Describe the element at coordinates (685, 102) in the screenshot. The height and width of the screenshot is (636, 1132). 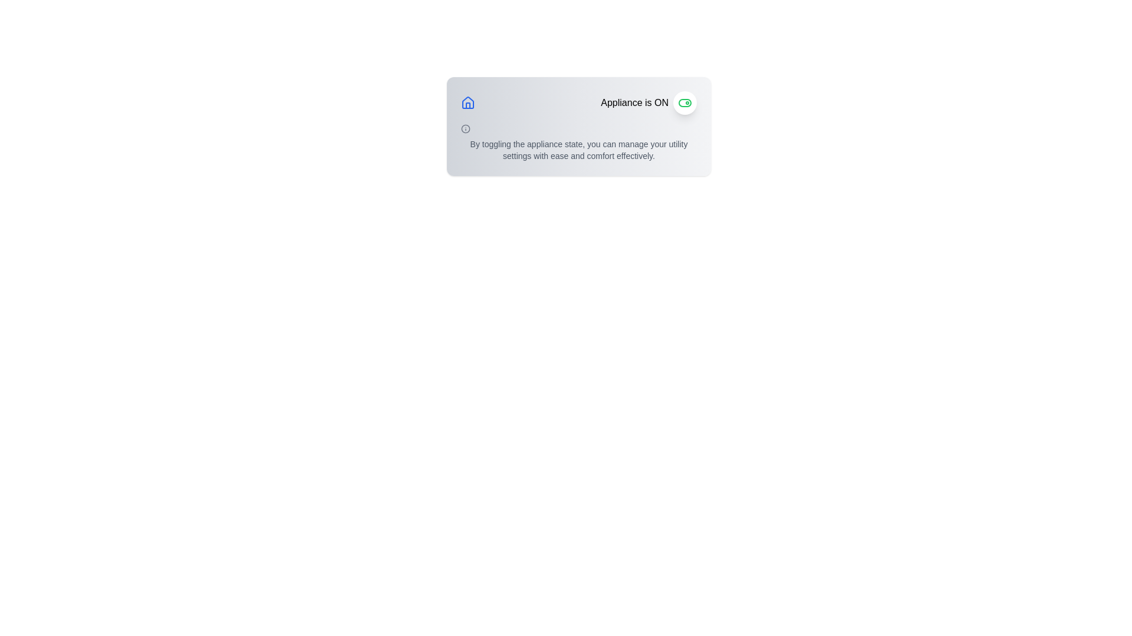
I see `the toggle switch located to the right of the text 'Appliance is ON' to switch its state` at that location.